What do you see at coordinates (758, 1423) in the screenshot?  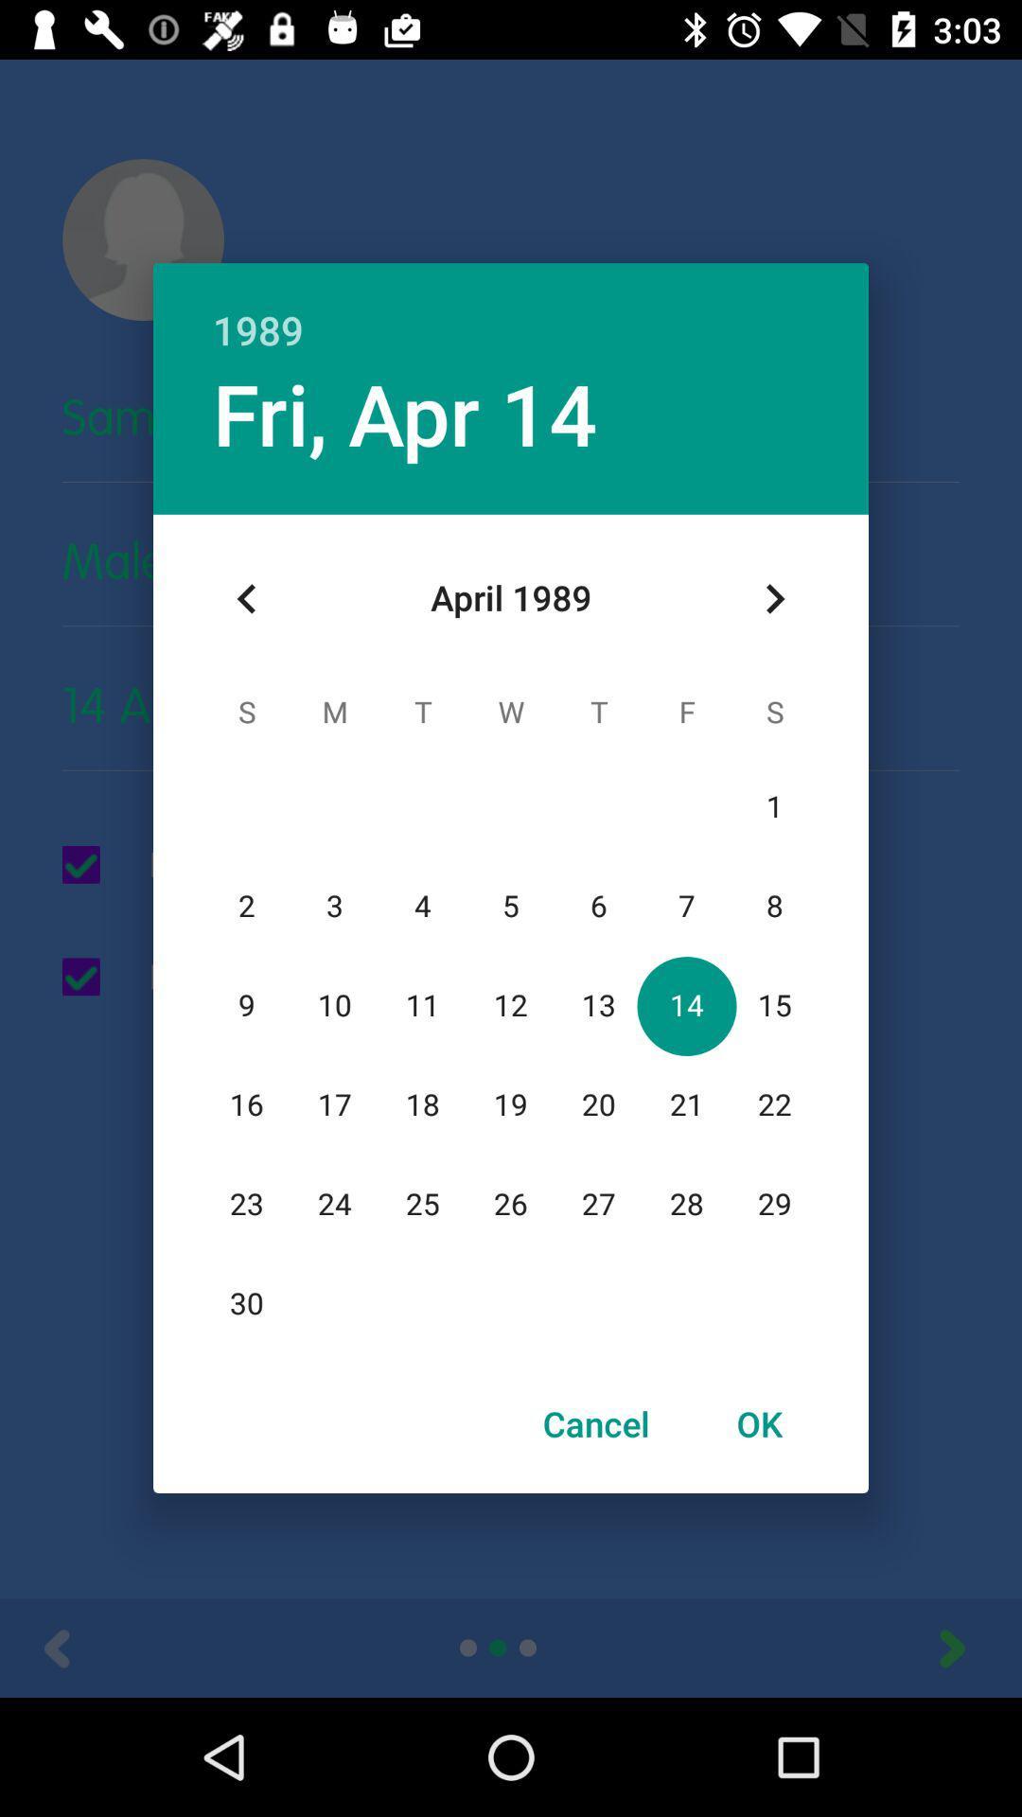 I see `icon at the bottom right corner` at bounding box center [758, 1423].